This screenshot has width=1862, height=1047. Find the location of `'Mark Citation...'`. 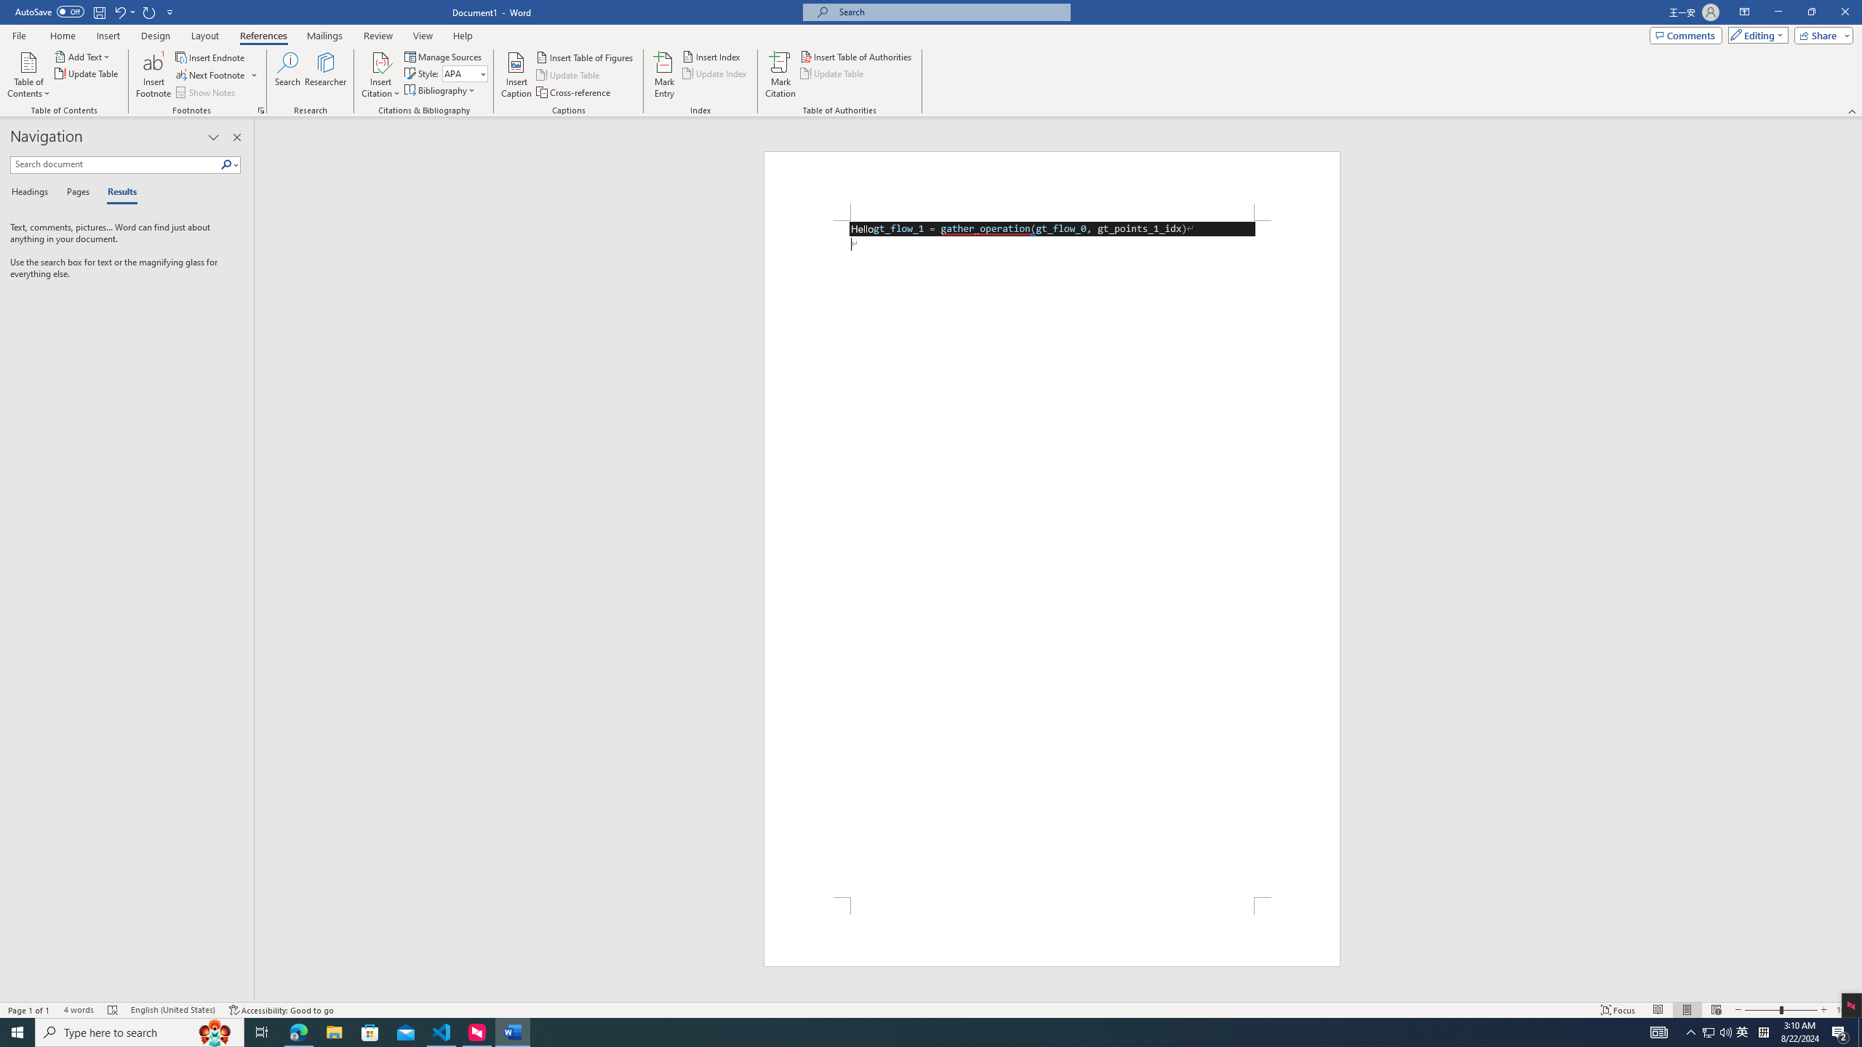

'Mark Citation...' is located at coordinates (780, 75).